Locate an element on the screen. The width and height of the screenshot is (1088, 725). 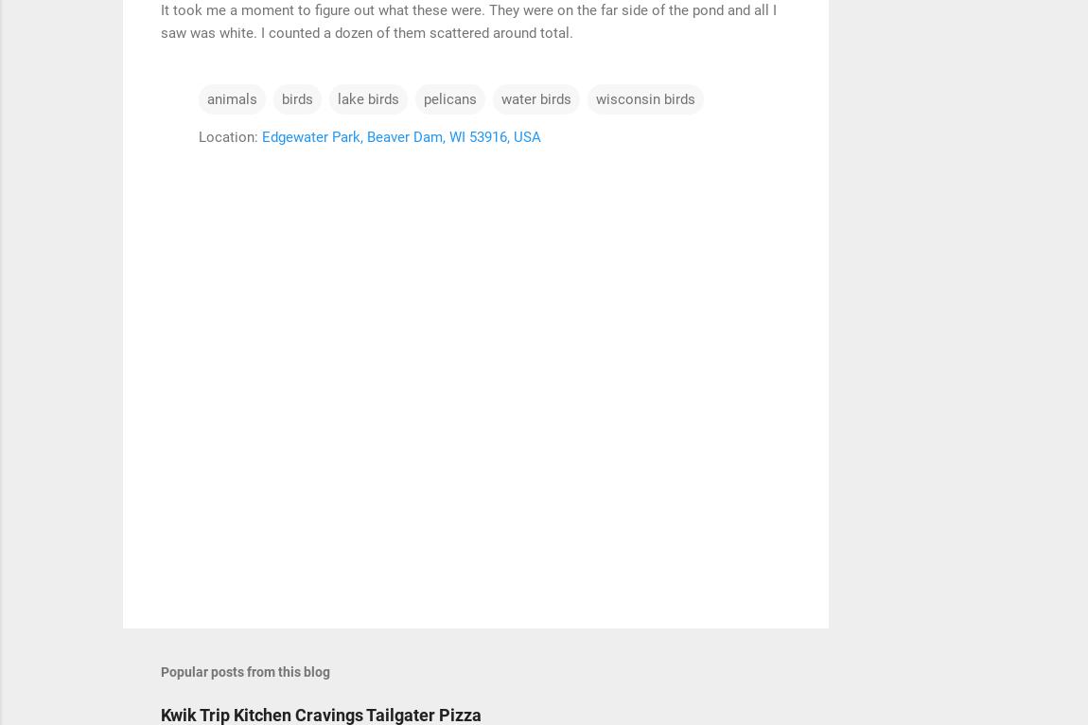
'animals' is located at coordinates (231, 97).